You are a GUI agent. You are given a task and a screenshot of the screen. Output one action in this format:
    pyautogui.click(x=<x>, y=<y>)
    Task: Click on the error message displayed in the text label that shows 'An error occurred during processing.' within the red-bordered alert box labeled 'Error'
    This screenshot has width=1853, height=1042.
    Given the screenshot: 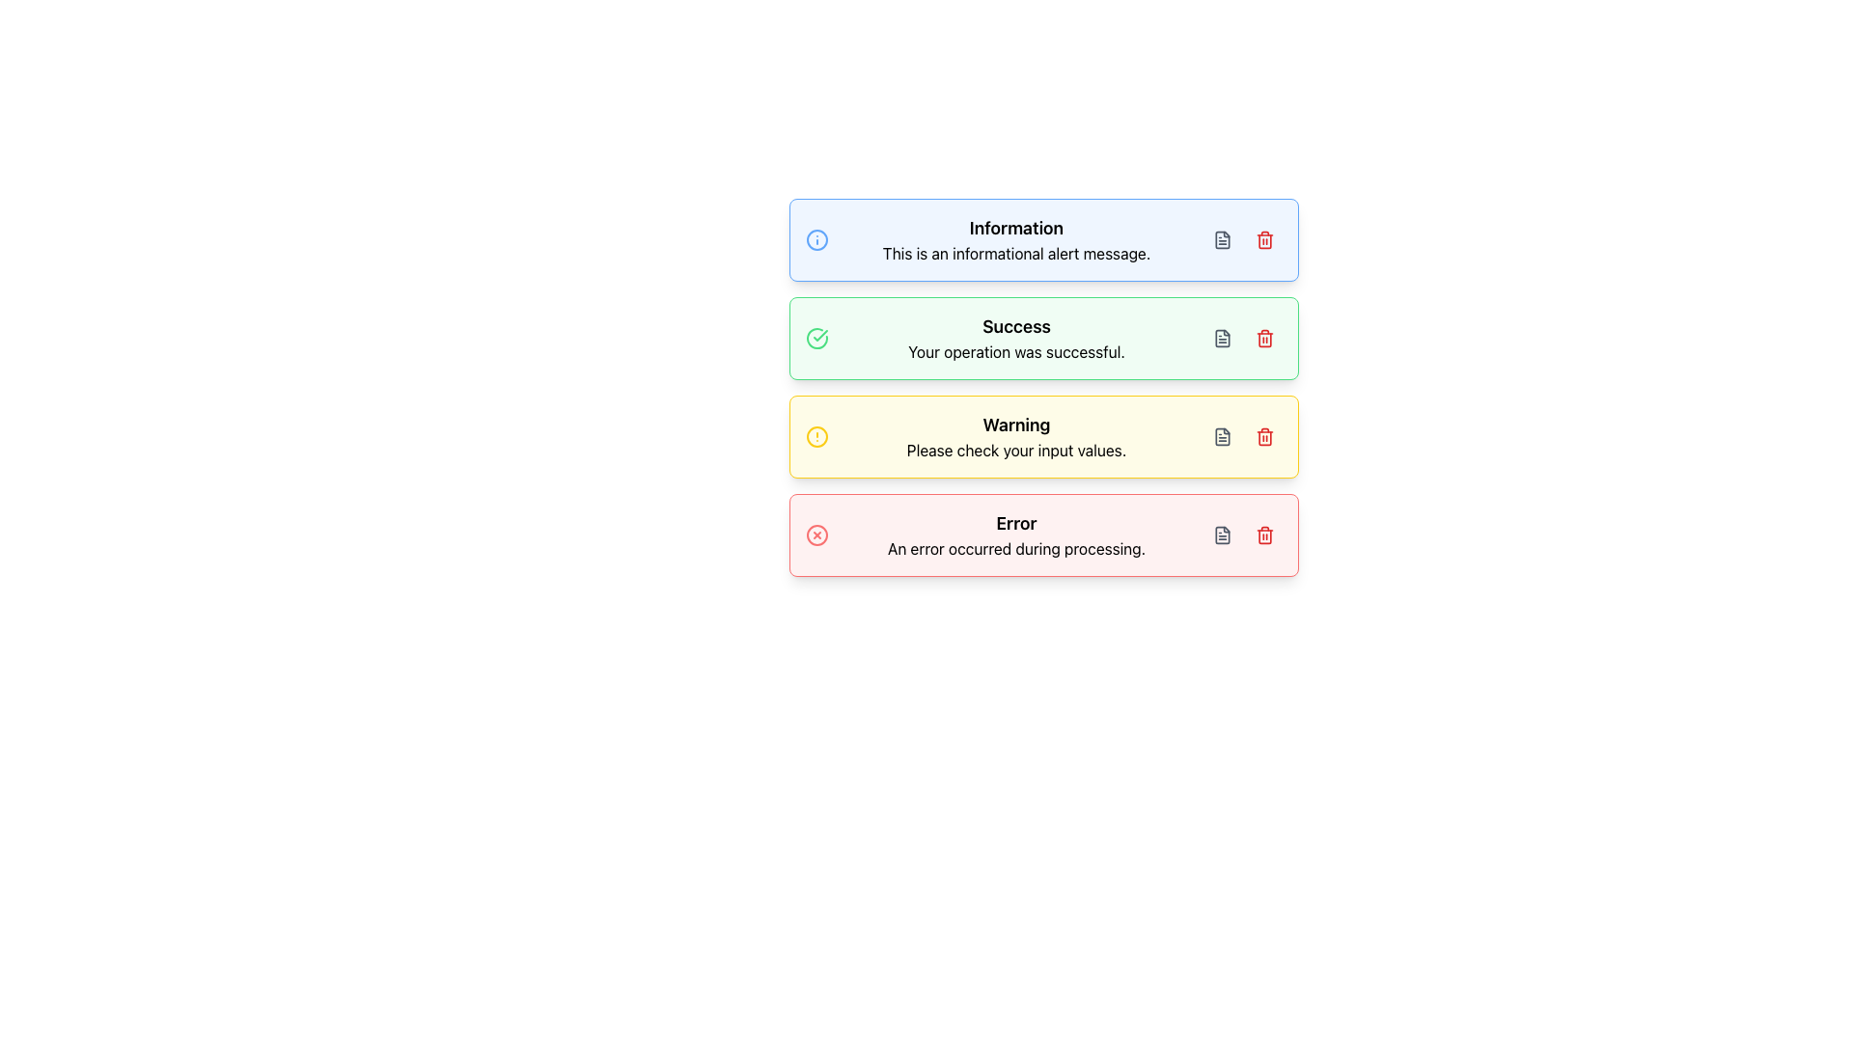 What is the action you would take?
    pyautogui.click(x=1015, y=549)
    